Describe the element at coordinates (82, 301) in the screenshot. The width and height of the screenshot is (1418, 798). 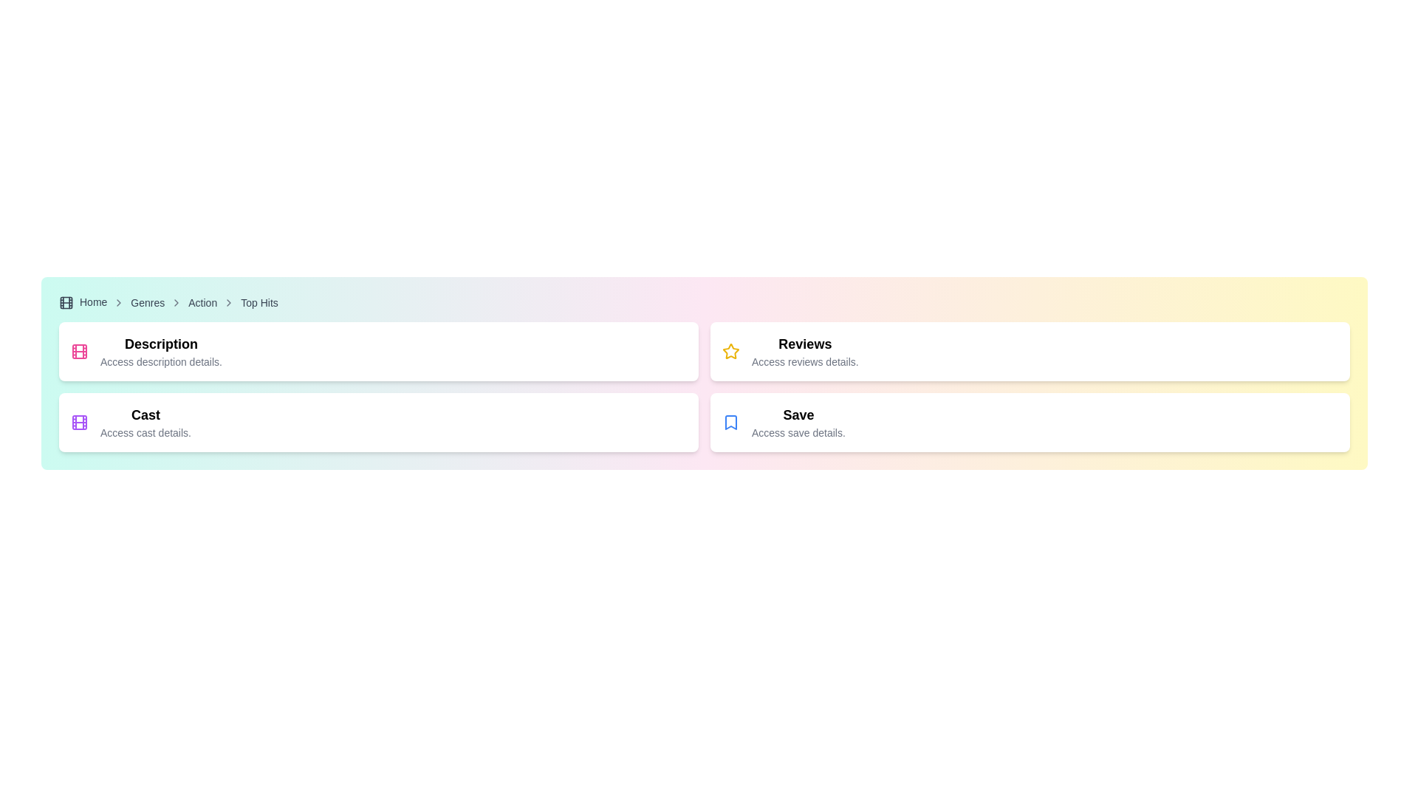
I see `the 'Home' clickable text link with an associated film roll icon to change its color to blue` at that location.